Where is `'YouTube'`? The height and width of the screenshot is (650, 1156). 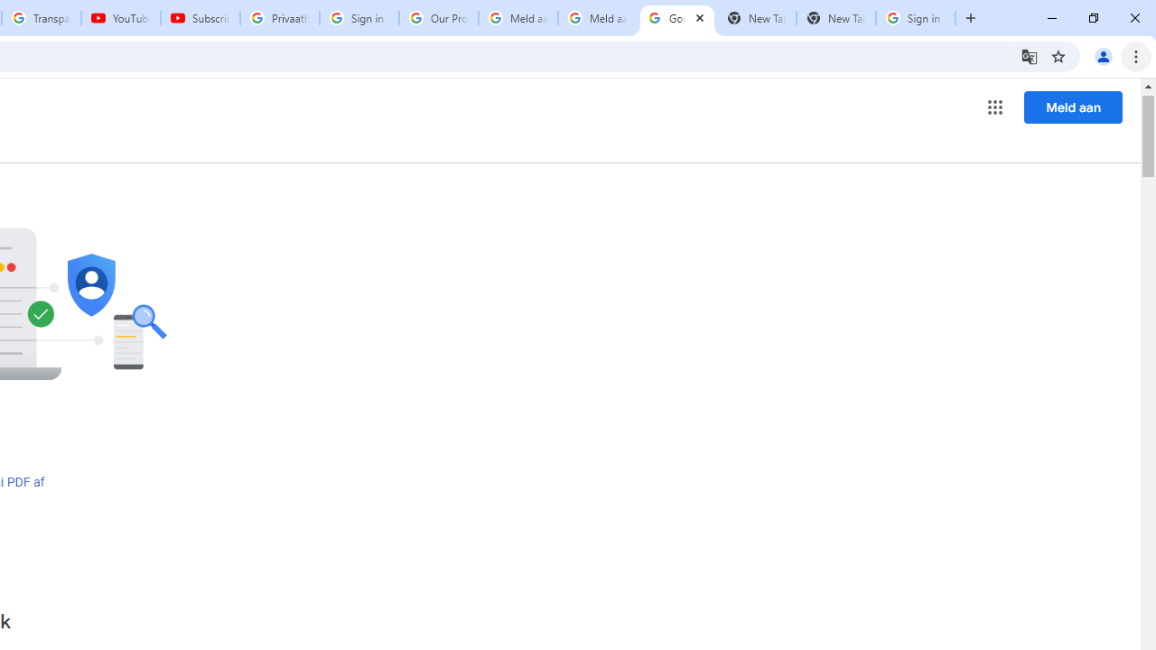 'YouTube' is located at coordinates (119, 18).